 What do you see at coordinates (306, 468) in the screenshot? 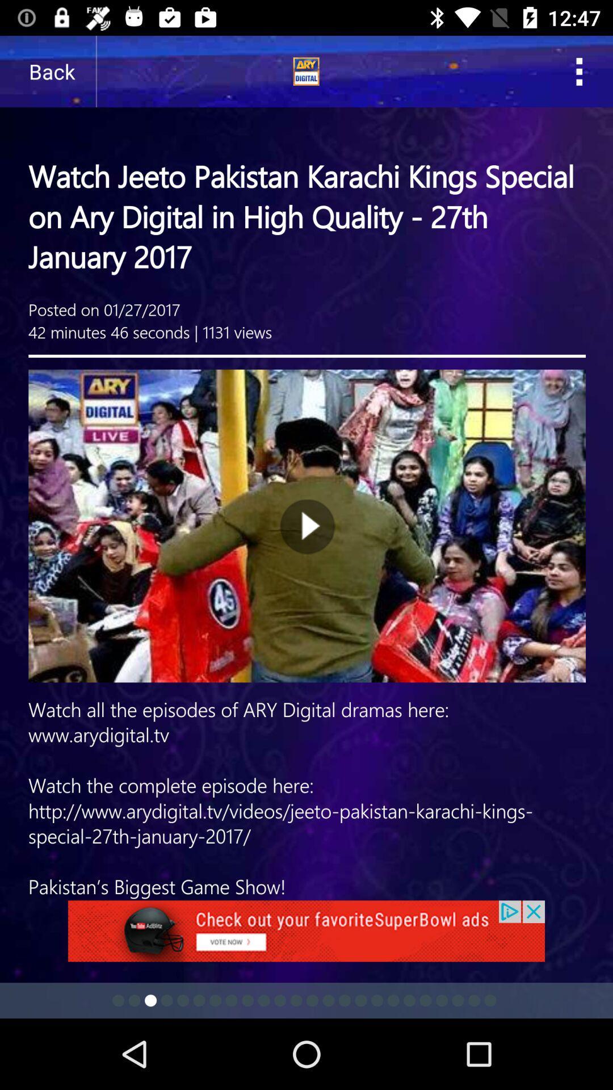
I see `the video` at bounding box center [306, 468].